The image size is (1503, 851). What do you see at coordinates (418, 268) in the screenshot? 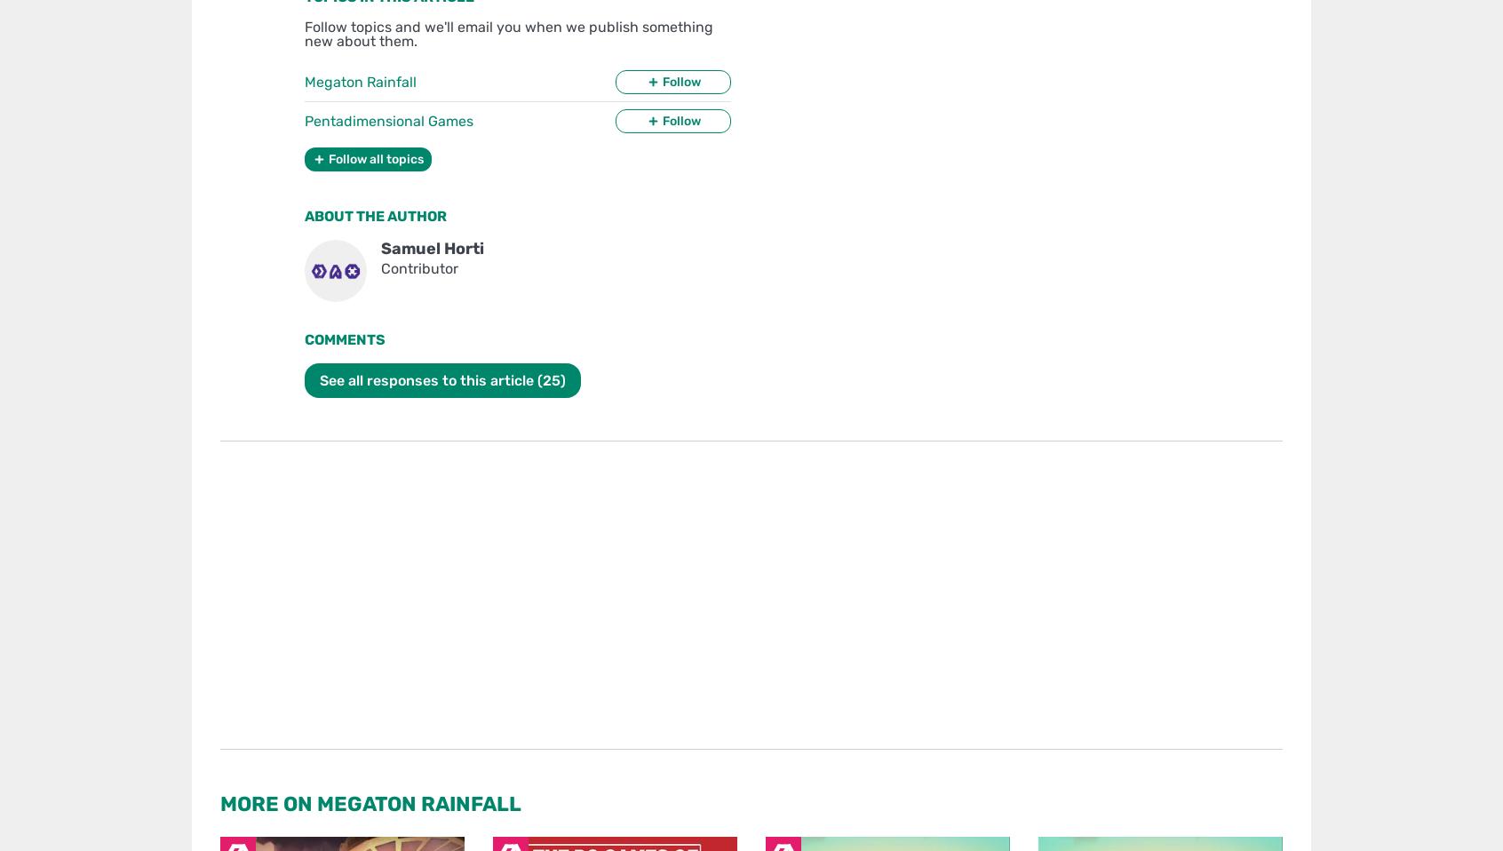
I see `'Contributor'` at bounding box center [418, 268].